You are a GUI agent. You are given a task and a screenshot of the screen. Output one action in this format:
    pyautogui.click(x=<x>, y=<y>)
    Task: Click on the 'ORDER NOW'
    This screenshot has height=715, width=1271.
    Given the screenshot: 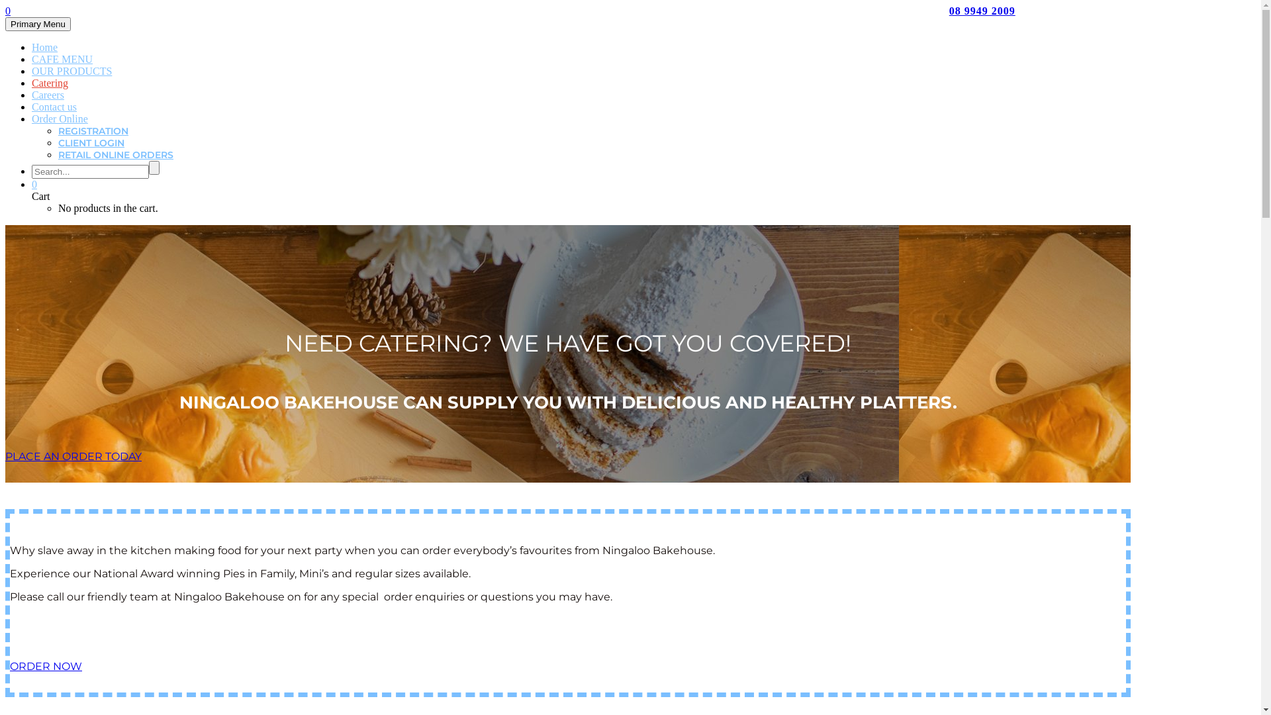 What is the action you would take?
    pyautogui.click(x=46, y=666)
    